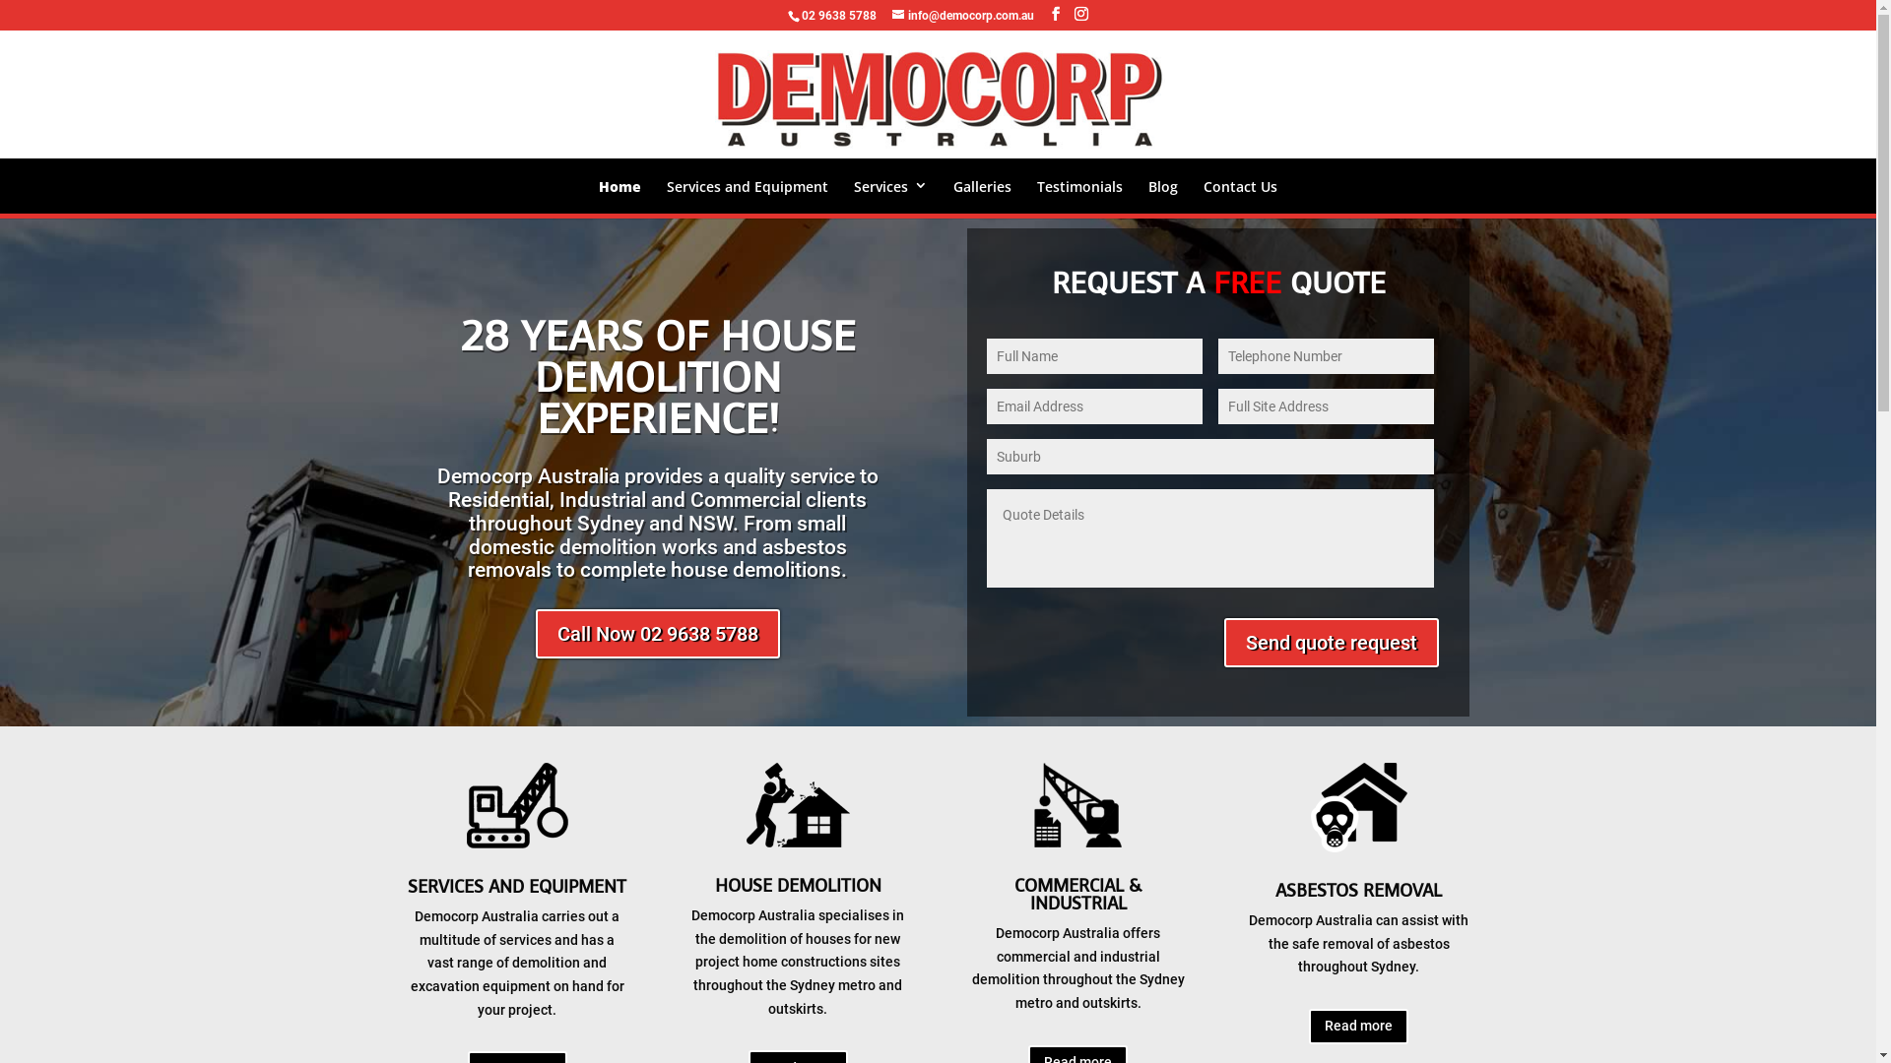  I want to click on 'Read more', so click(1357, 1025).